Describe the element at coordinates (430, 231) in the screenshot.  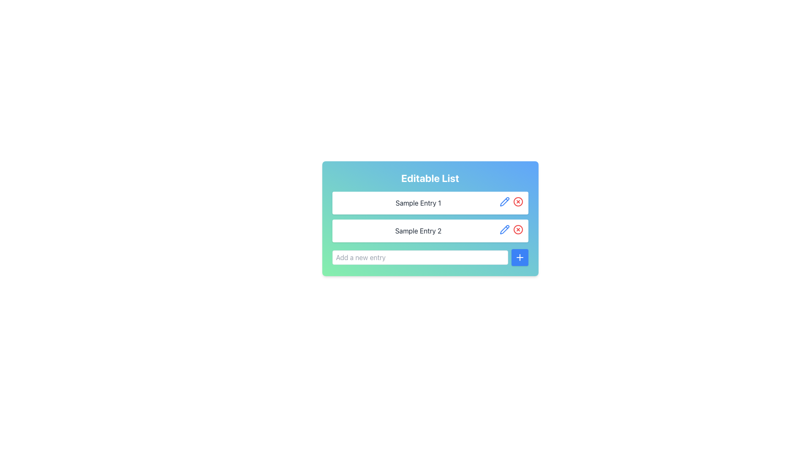
I see `the second list item displaying the text 'Sample Entry 2' to focus or select it` at that location.